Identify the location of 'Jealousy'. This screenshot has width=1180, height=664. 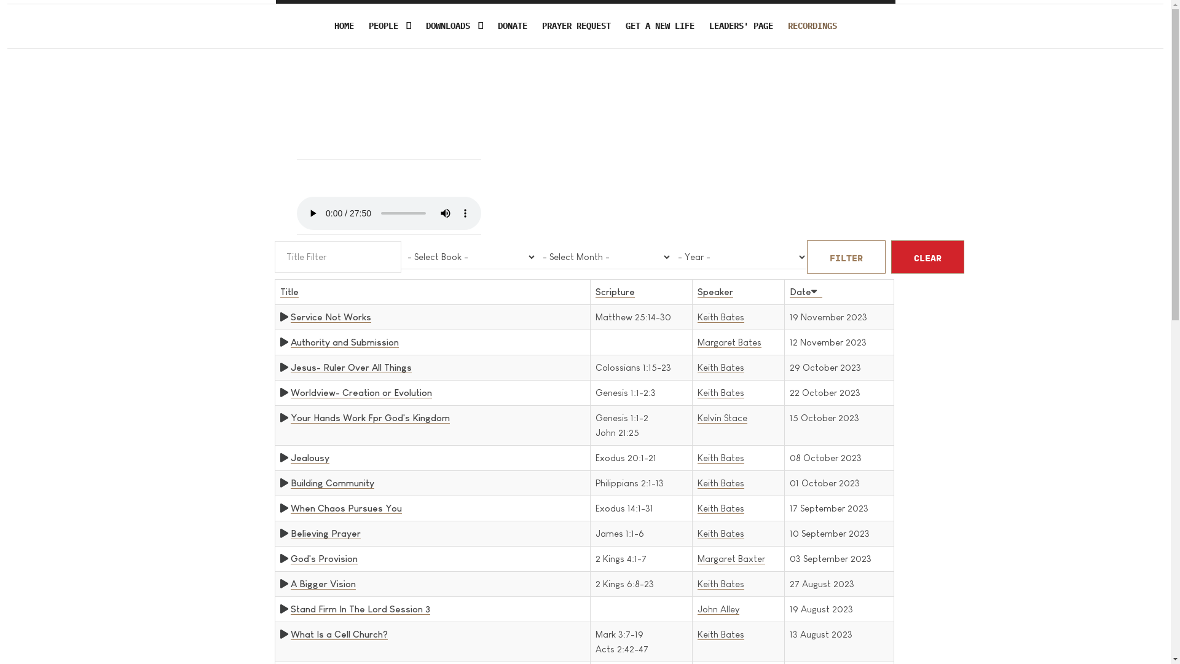
(309, 457).